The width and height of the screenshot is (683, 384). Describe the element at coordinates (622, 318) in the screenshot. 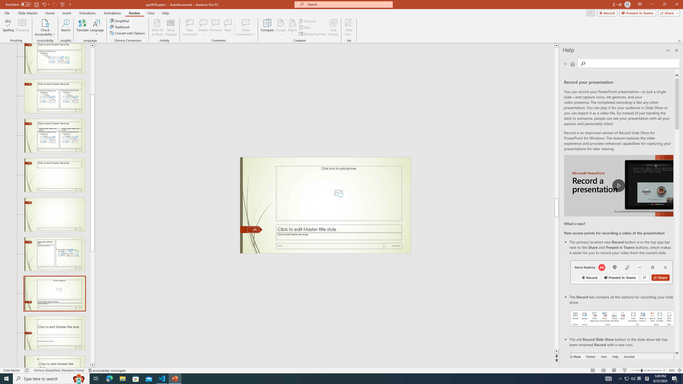

I see `'Record your presentations screenshot one'` at that location.